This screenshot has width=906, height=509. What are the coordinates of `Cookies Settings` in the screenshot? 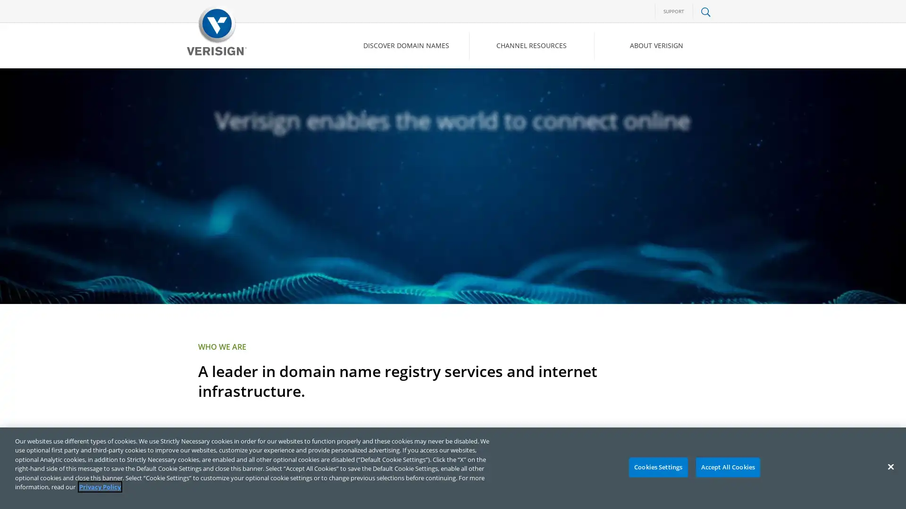 It's located at (657, 467).